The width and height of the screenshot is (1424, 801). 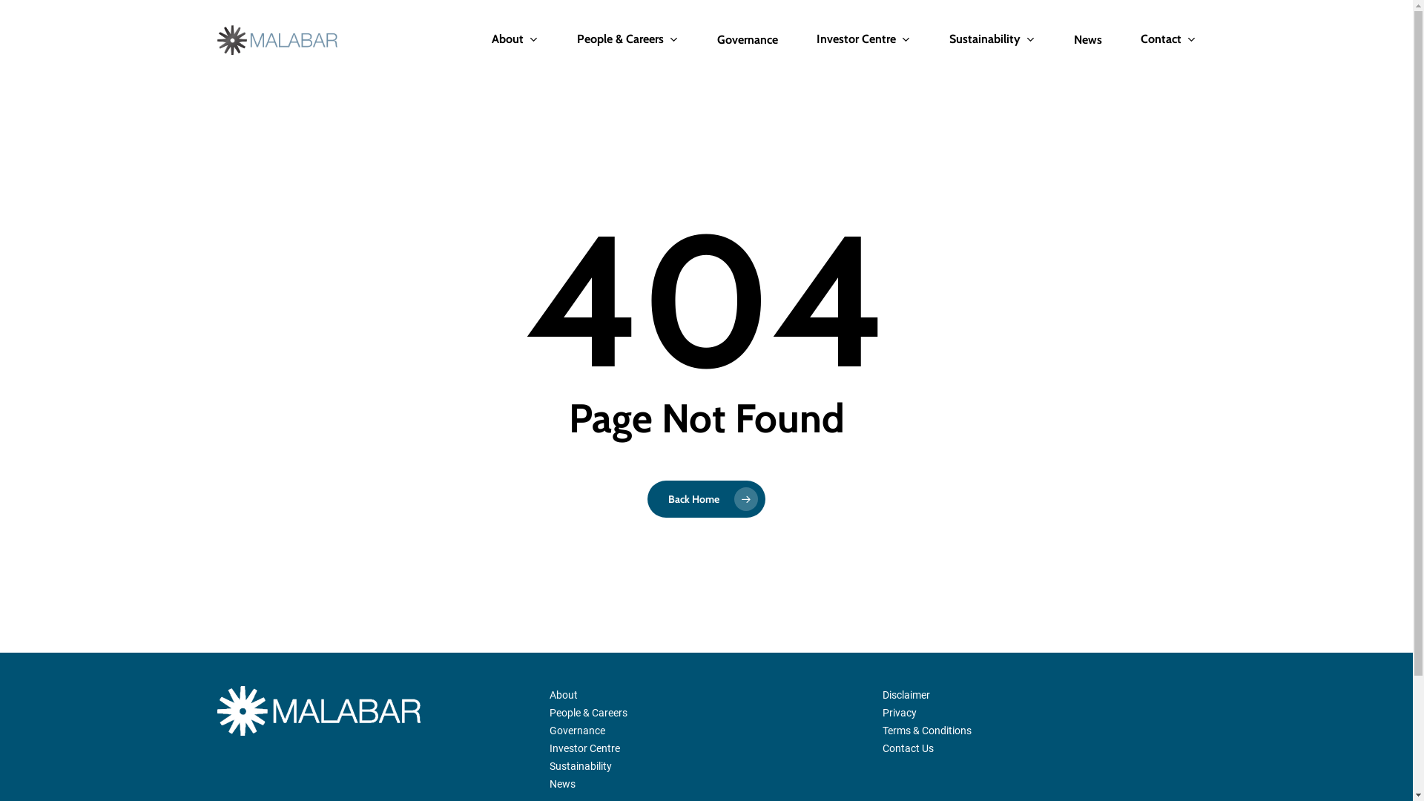 I want to click on 'Terms & Conditions', so click(x=926, y=729).